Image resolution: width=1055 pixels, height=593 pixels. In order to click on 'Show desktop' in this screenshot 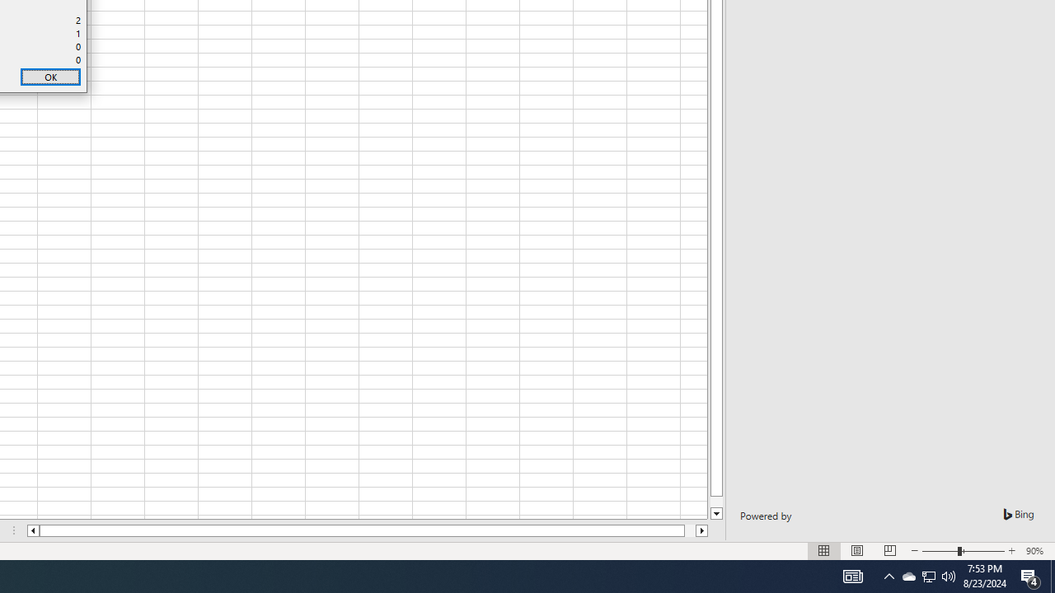, I will do `click(1052, 575)`.